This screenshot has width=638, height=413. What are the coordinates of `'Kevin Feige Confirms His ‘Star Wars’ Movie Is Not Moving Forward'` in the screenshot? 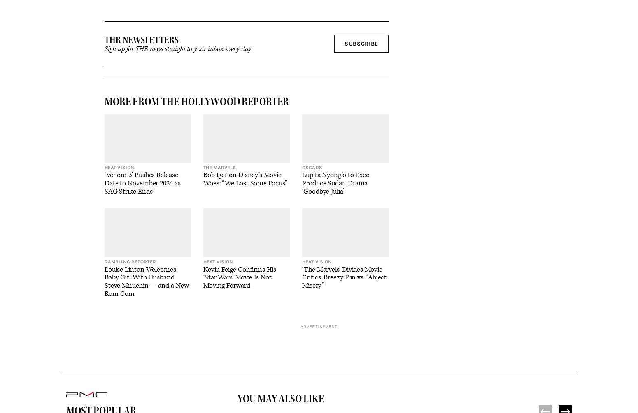 It's located at (203, 277).